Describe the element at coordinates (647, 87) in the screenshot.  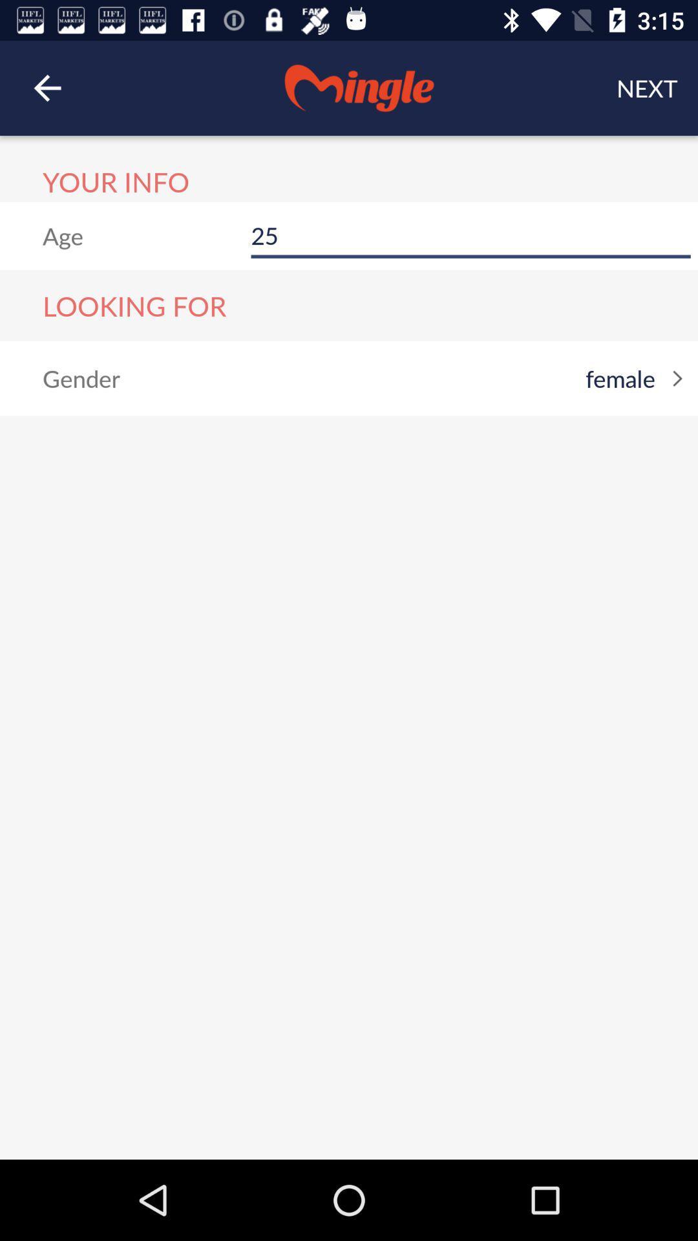
I see `item above the 25 icon` at that location.